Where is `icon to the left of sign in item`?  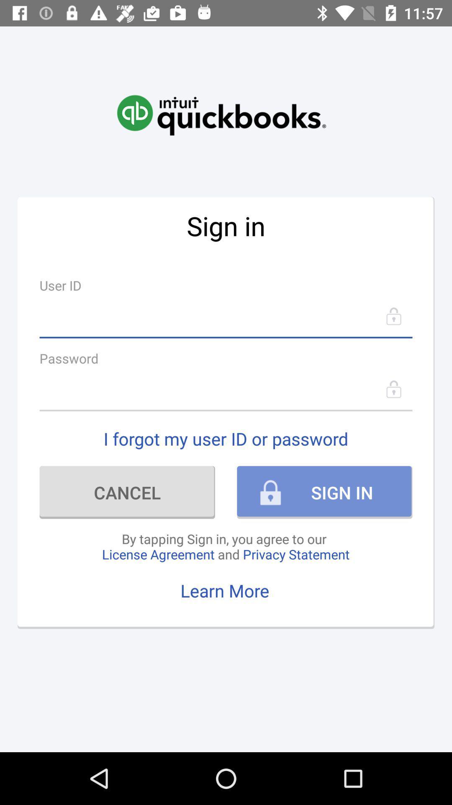
icon to the left of sign in item is located at coordinates (127, 492).